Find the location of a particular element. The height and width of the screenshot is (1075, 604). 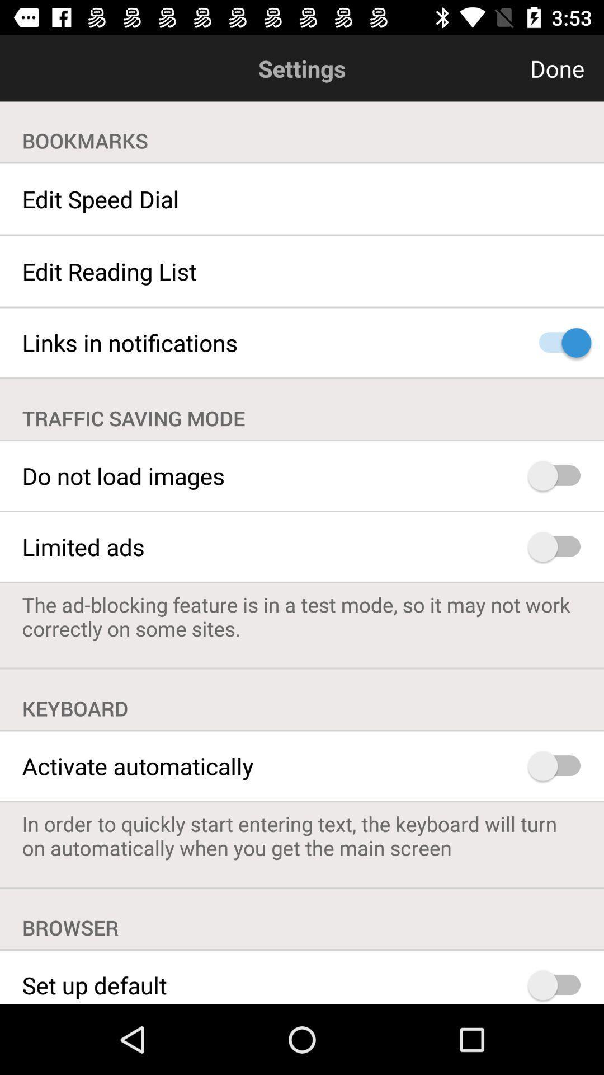

set as default is located at coordinates (559, 984).